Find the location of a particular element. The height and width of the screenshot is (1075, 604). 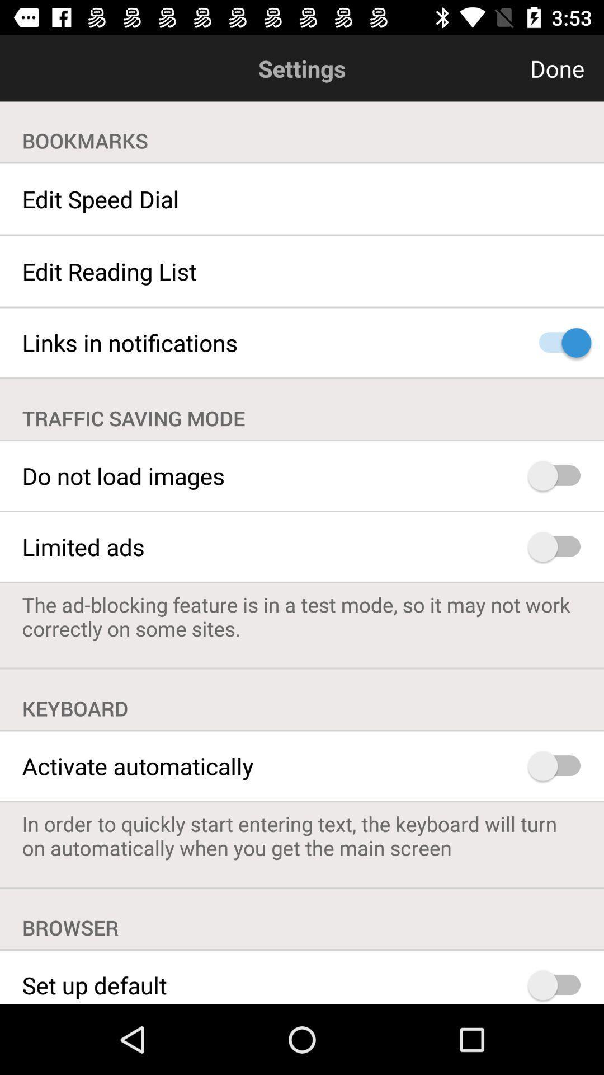

set as default is located at coordinates (559, 984).